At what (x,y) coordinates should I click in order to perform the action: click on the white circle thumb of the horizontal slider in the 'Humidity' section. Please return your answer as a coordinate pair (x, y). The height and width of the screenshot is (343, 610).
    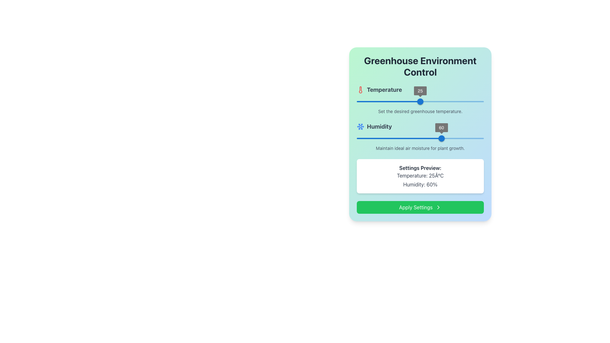
    Looking at the image, I should click on (420, 138).